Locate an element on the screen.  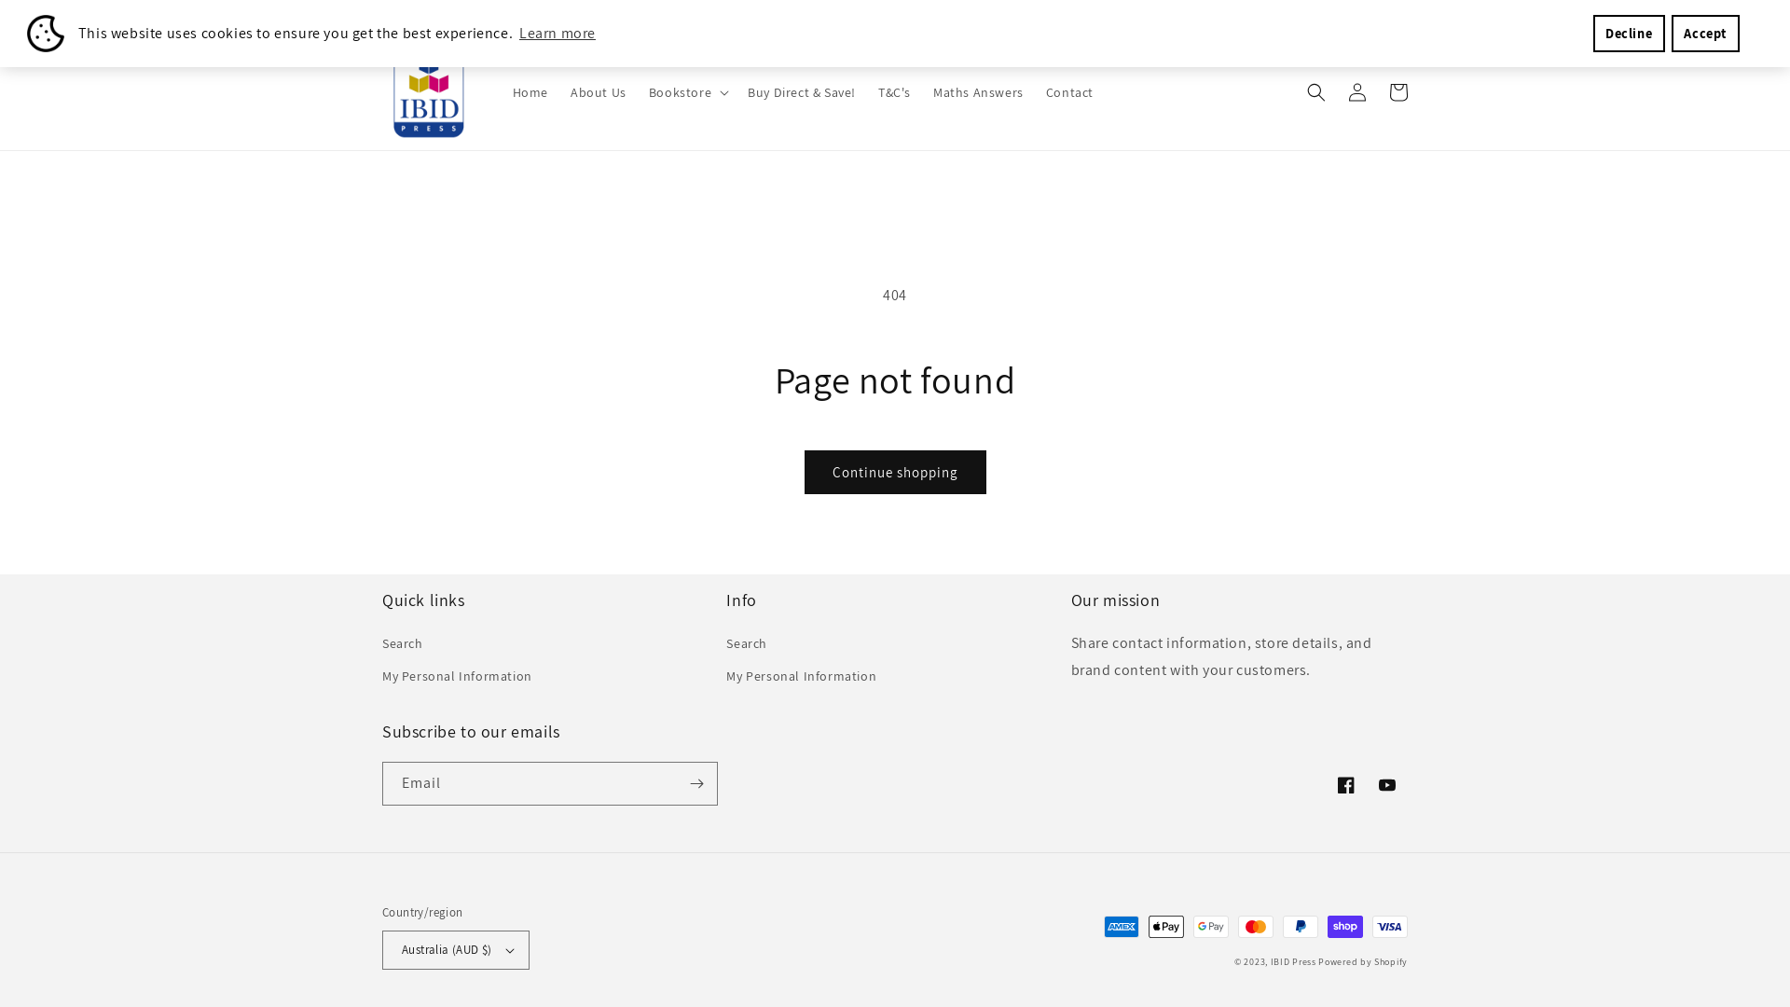
'Contact' is located at coordinates (1033, 92).